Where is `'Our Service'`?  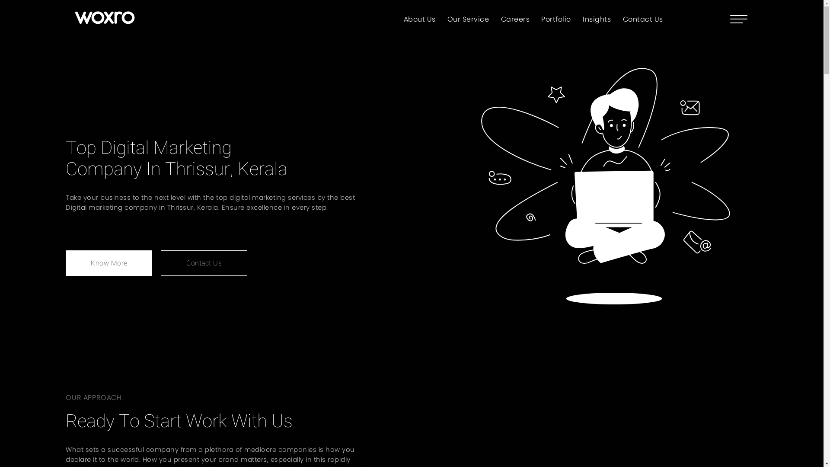
'Our Service' is located at coordinates (468, 19).